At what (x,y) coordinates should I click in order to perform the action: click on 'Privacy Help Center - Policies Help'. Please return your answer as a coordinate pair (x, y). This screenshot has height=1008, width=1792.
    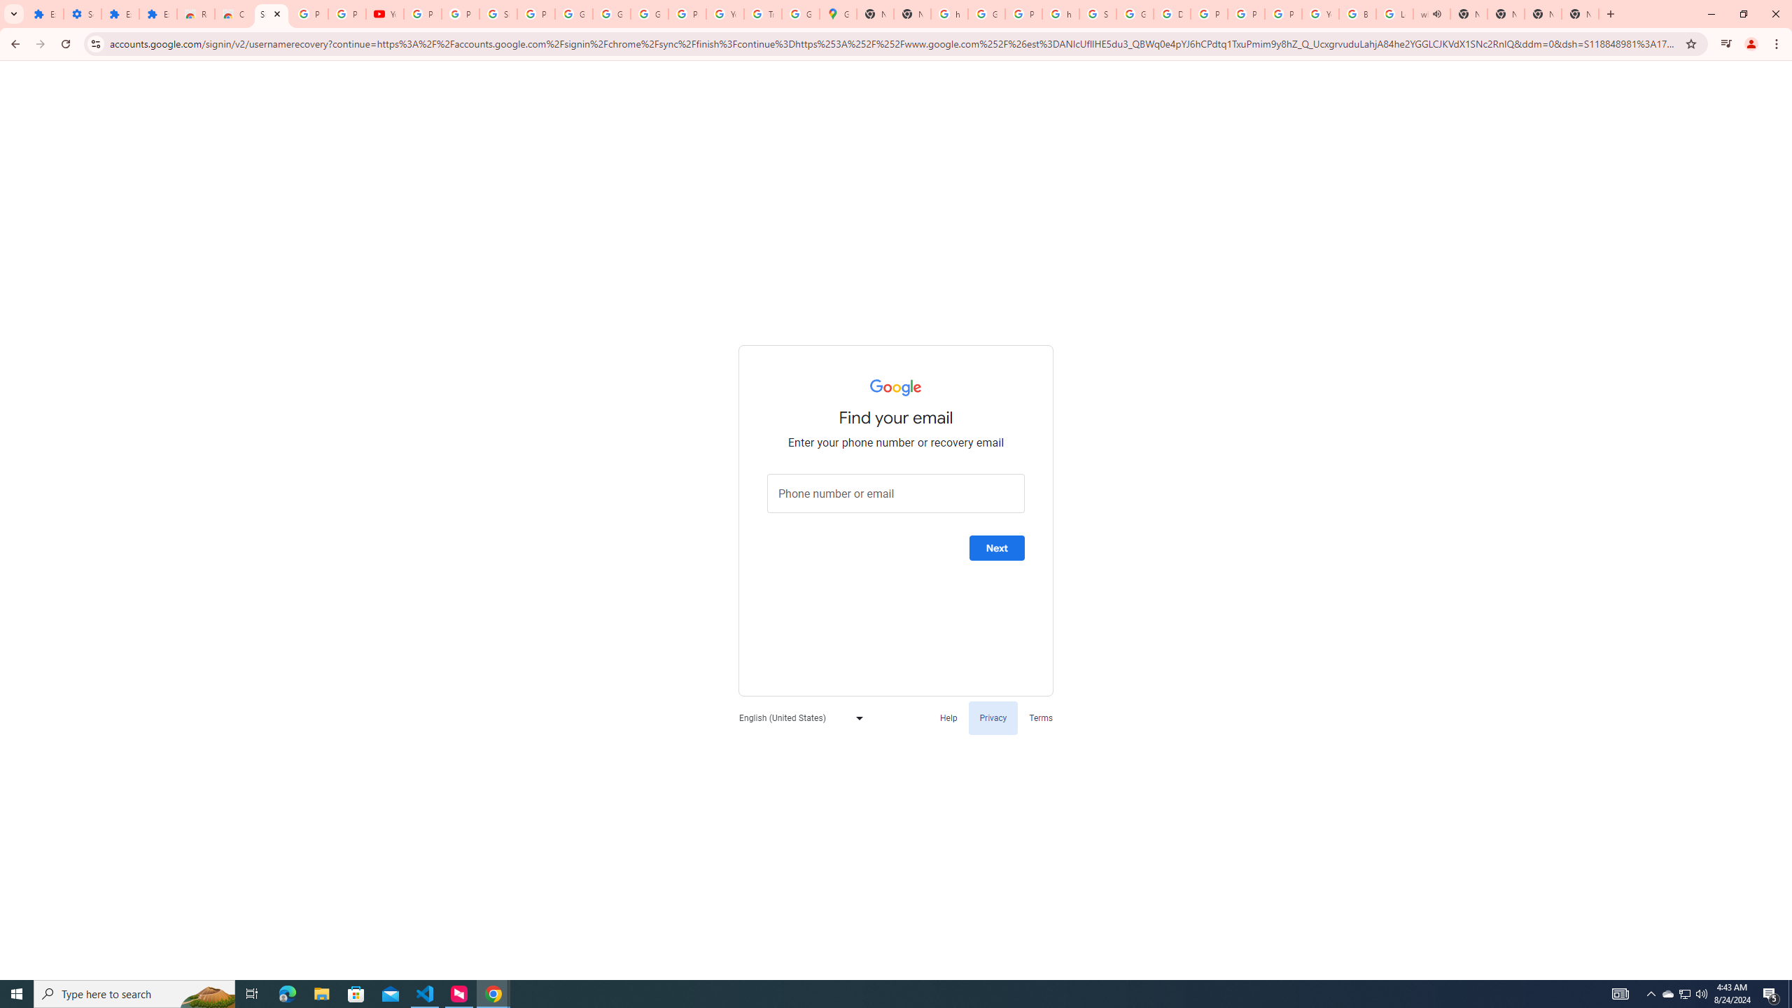
    Looking at the image, I should click on (1210, 13).